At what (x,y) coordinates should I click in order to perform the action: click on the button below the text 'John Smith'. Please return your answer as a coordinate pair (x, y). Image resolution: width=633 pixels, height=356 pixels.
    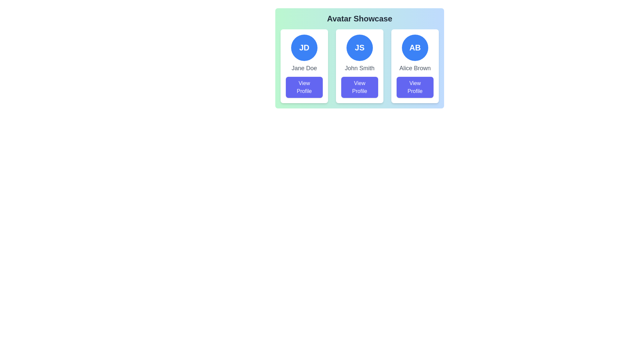
    Looking at the image, I should click on (359, 87).